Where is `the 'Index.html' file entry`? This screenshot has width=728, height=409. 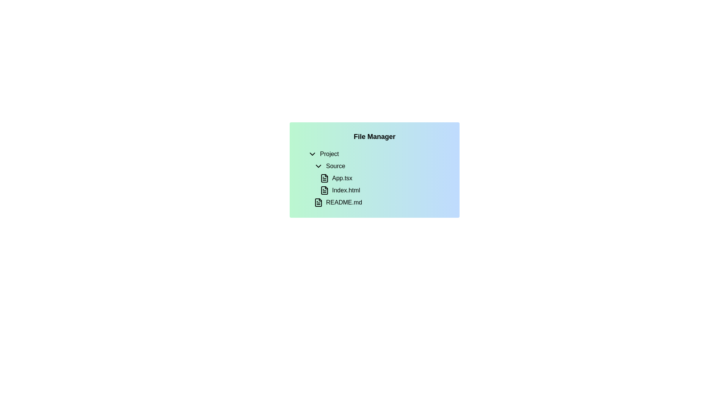
the 'Index.html' file entry is located at coordinates (380, 190).